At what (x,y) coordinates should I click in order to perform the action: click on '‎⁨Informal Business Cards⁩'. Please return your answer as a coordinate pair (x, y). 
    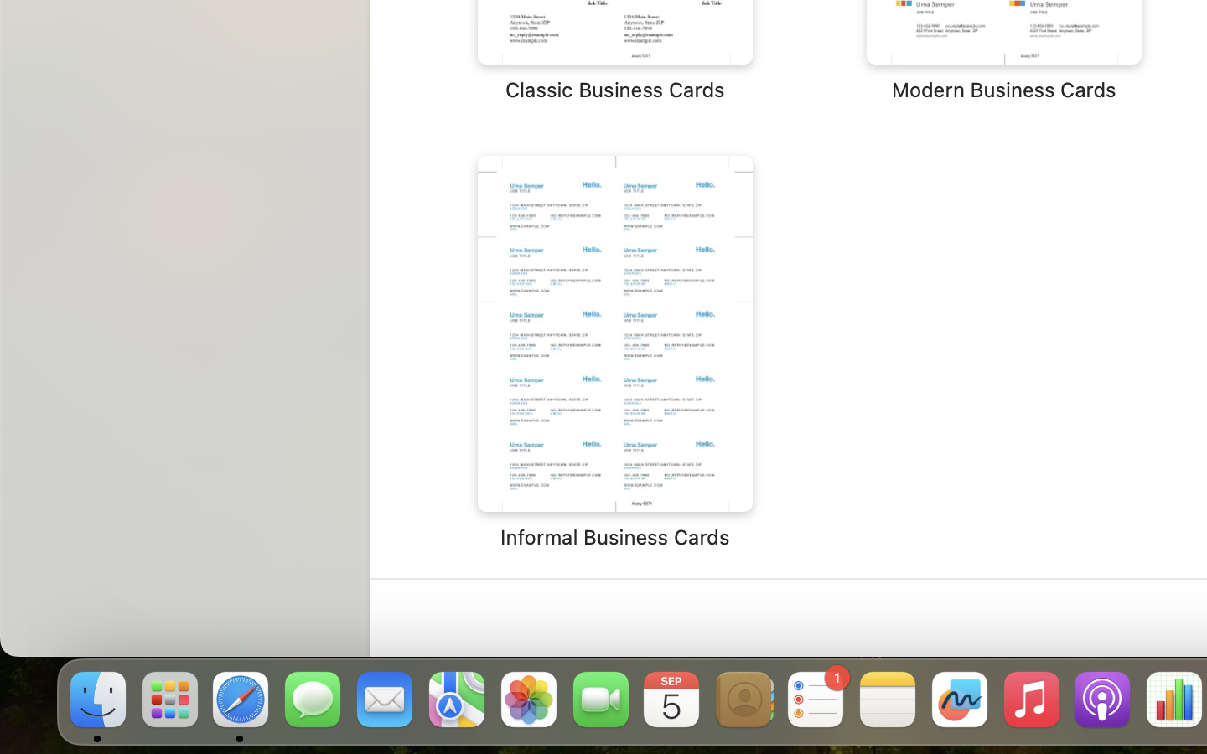
    Looking at the image, I should click on (614, 353).